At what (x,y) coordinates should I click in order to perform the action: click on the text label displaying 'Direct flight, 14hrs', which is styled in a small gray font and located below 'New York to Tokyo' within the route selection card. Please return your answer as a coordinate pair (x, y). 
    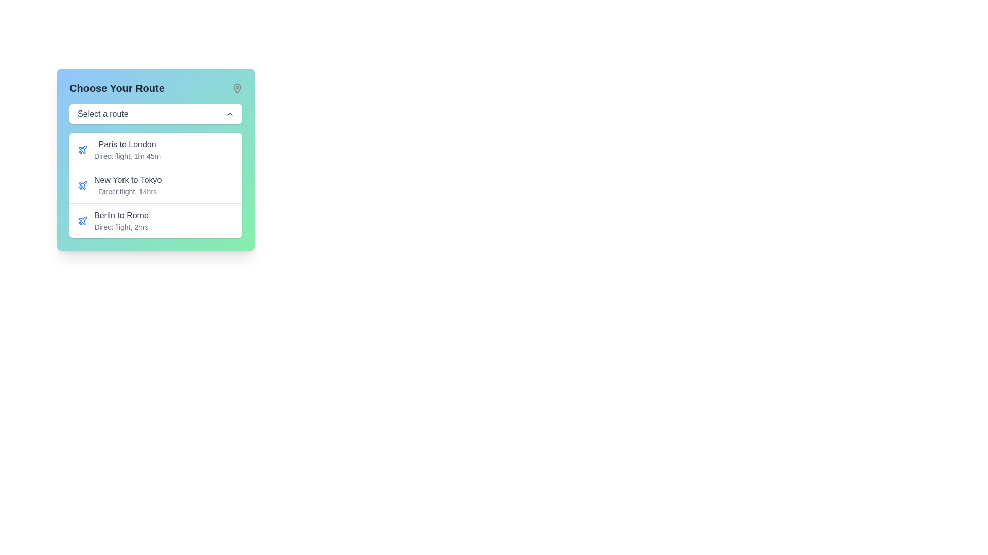
    Looking at the image, I should click on (127, 192).